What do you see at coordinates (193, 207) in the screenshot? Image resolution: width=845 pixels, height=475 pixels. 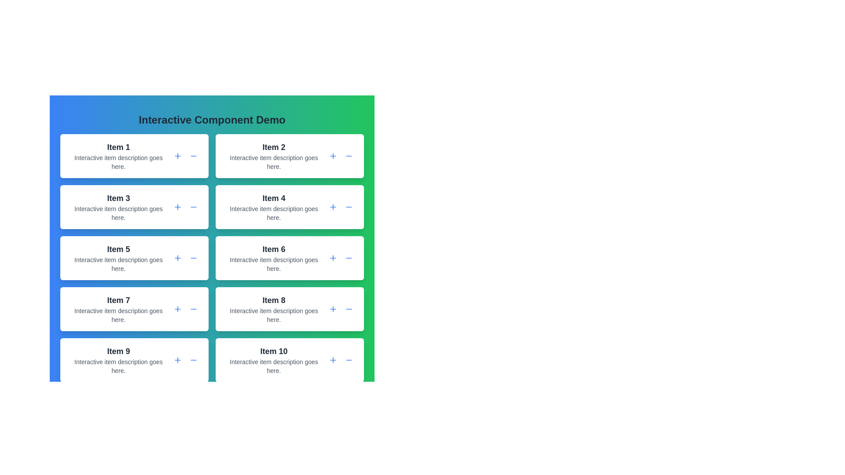 I see `the decrement button (minus symbol) located to the right of the 'Item 3' entry to decrease its value` at bounding box center [193, 207].